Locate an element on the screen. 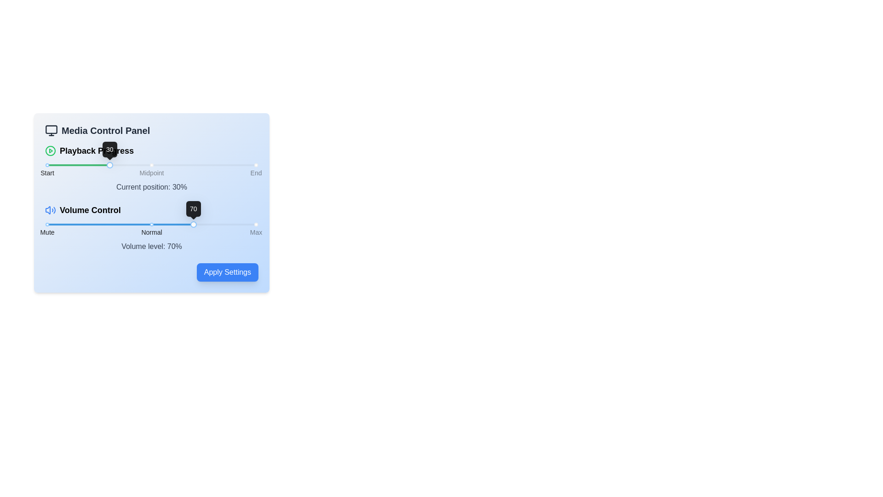 This screenshot has width=883, height=497. playback position is located at coordinates (184, 164).